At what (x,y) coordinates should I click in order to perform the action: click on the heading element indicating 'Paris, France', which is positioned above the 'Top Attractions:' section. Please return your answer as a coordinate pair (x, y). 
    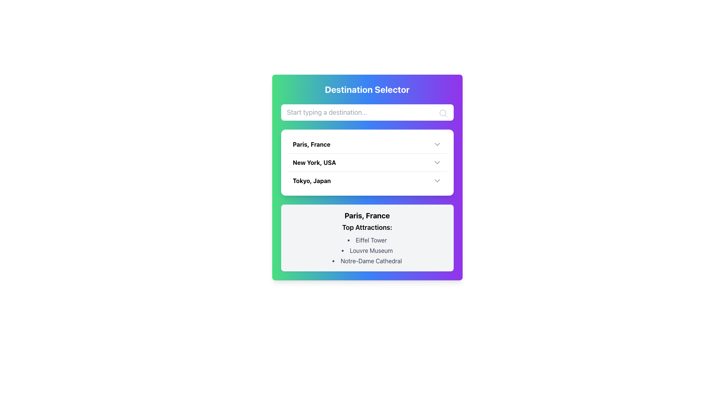
    Looking at the image, I should click on (367, 216).